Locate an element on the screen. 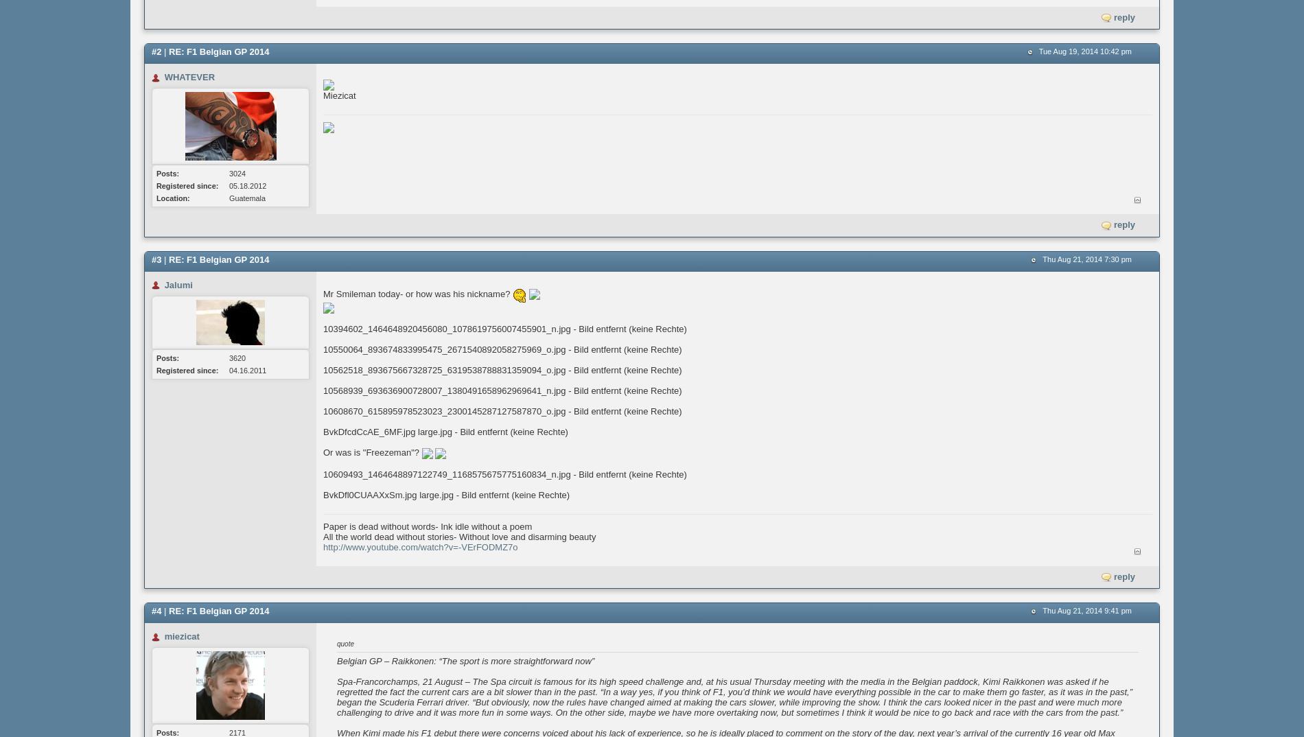 This screenshot has height=737, width=1304. '10550064_893674833995475_2671540892058275969_o.jpg - Bild entfernt (keine Rechte)' is located at coordinates (502, 349).